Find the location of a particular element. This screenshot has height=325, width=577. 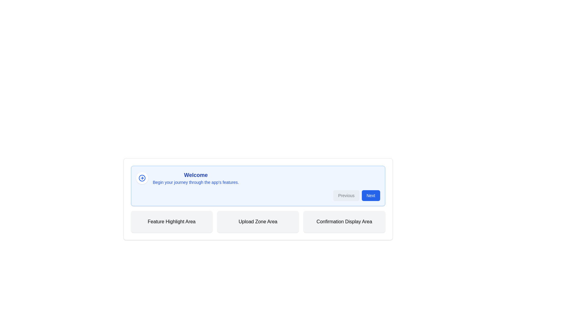

the introductory guidance text located directly beneath the 'Welcome' text, which provides users with information about the app's features is located at coordinates (196, 182).